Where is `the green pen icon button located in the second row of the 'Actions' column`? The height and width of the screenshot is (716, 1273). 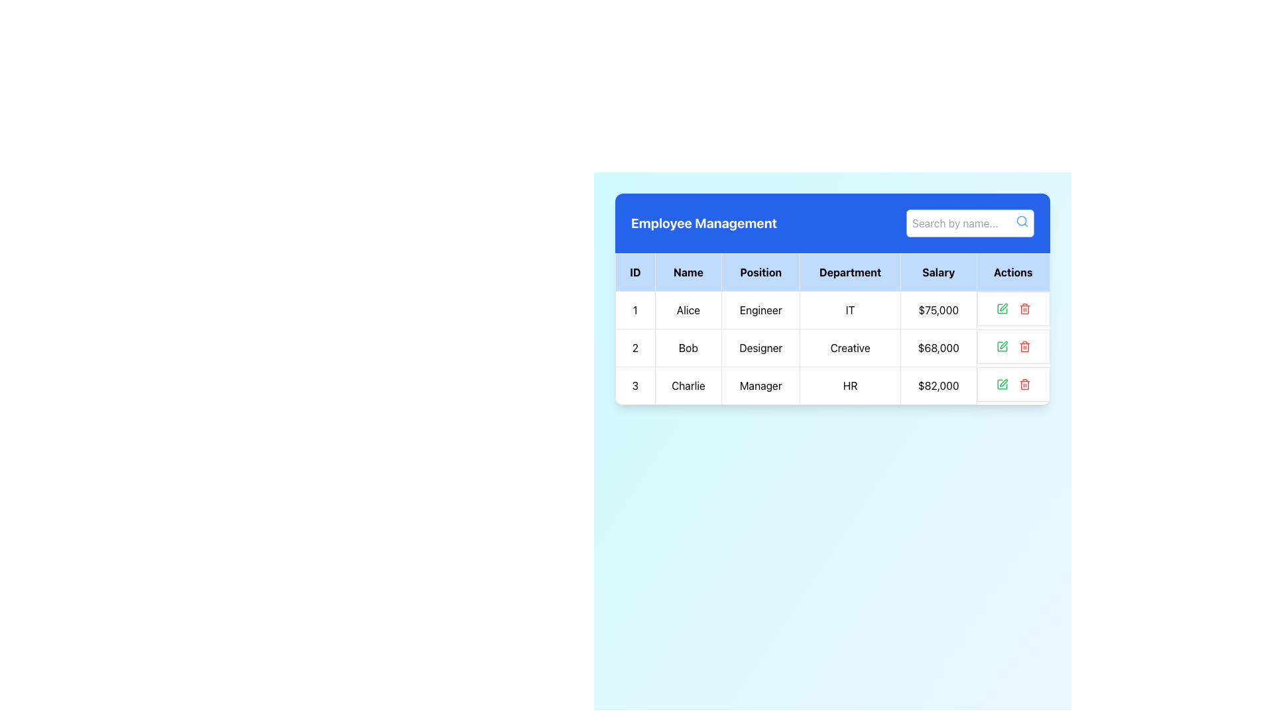
the green pen icon button located in the second row of the 'Actions' column is located at coordinates (1002, 345).